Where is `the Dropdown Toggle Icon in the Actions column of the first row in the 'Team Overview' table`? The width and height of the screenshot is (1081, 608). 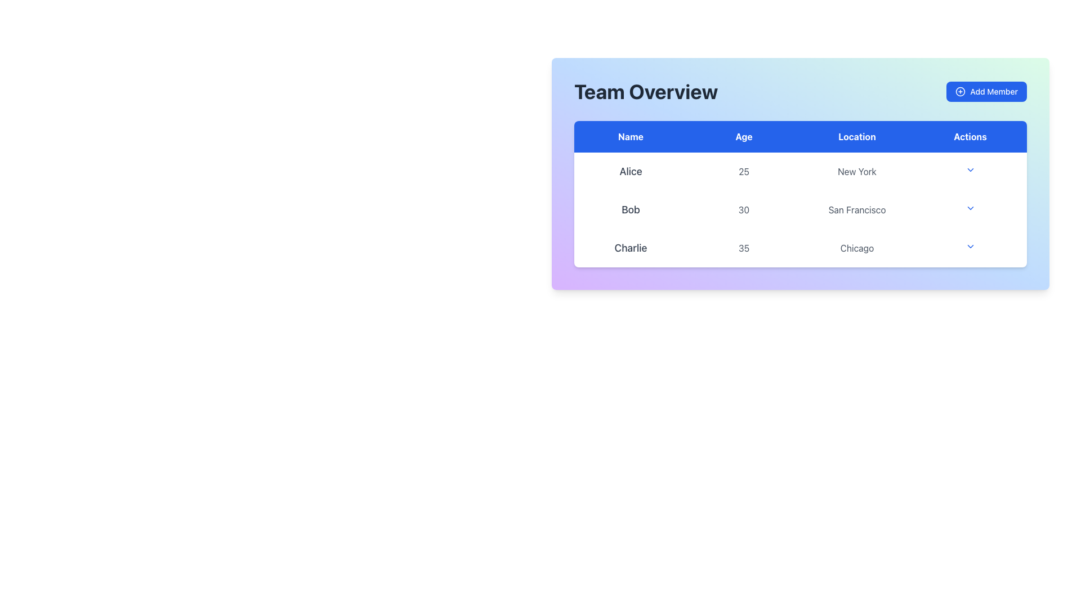
the Dropdown Toggle Icon in the Actions column of the first row in the 'Team Overview' table is located at coordinates (970, 171).